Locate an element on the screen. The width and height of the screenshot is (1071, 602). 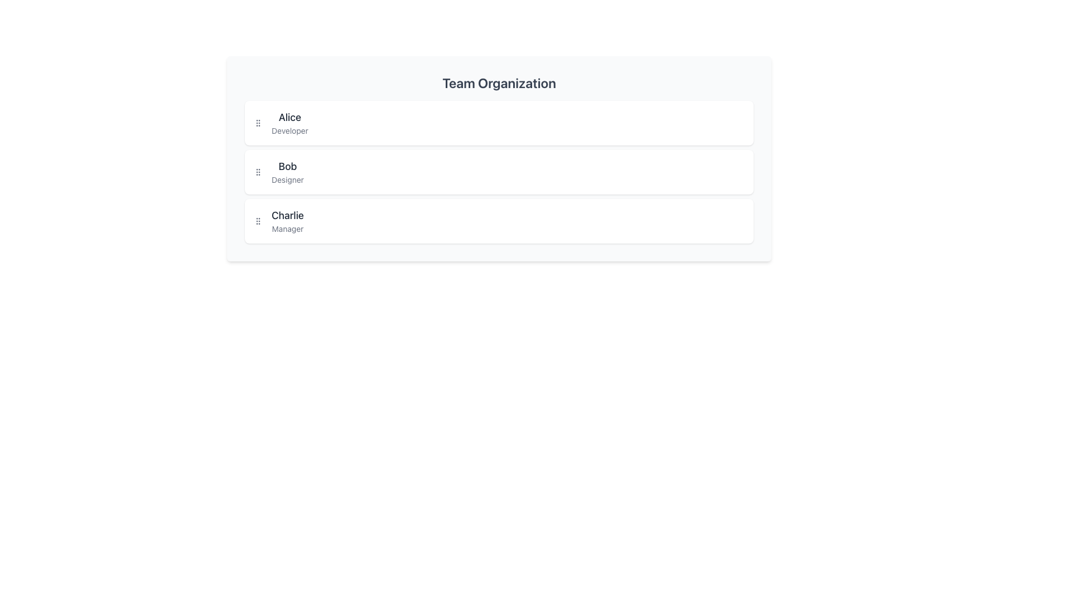
the Information card containing the name 'Bob' and the title 'Designer', which is the second card in a vertical list of cards is located at coordinates (498, 172).